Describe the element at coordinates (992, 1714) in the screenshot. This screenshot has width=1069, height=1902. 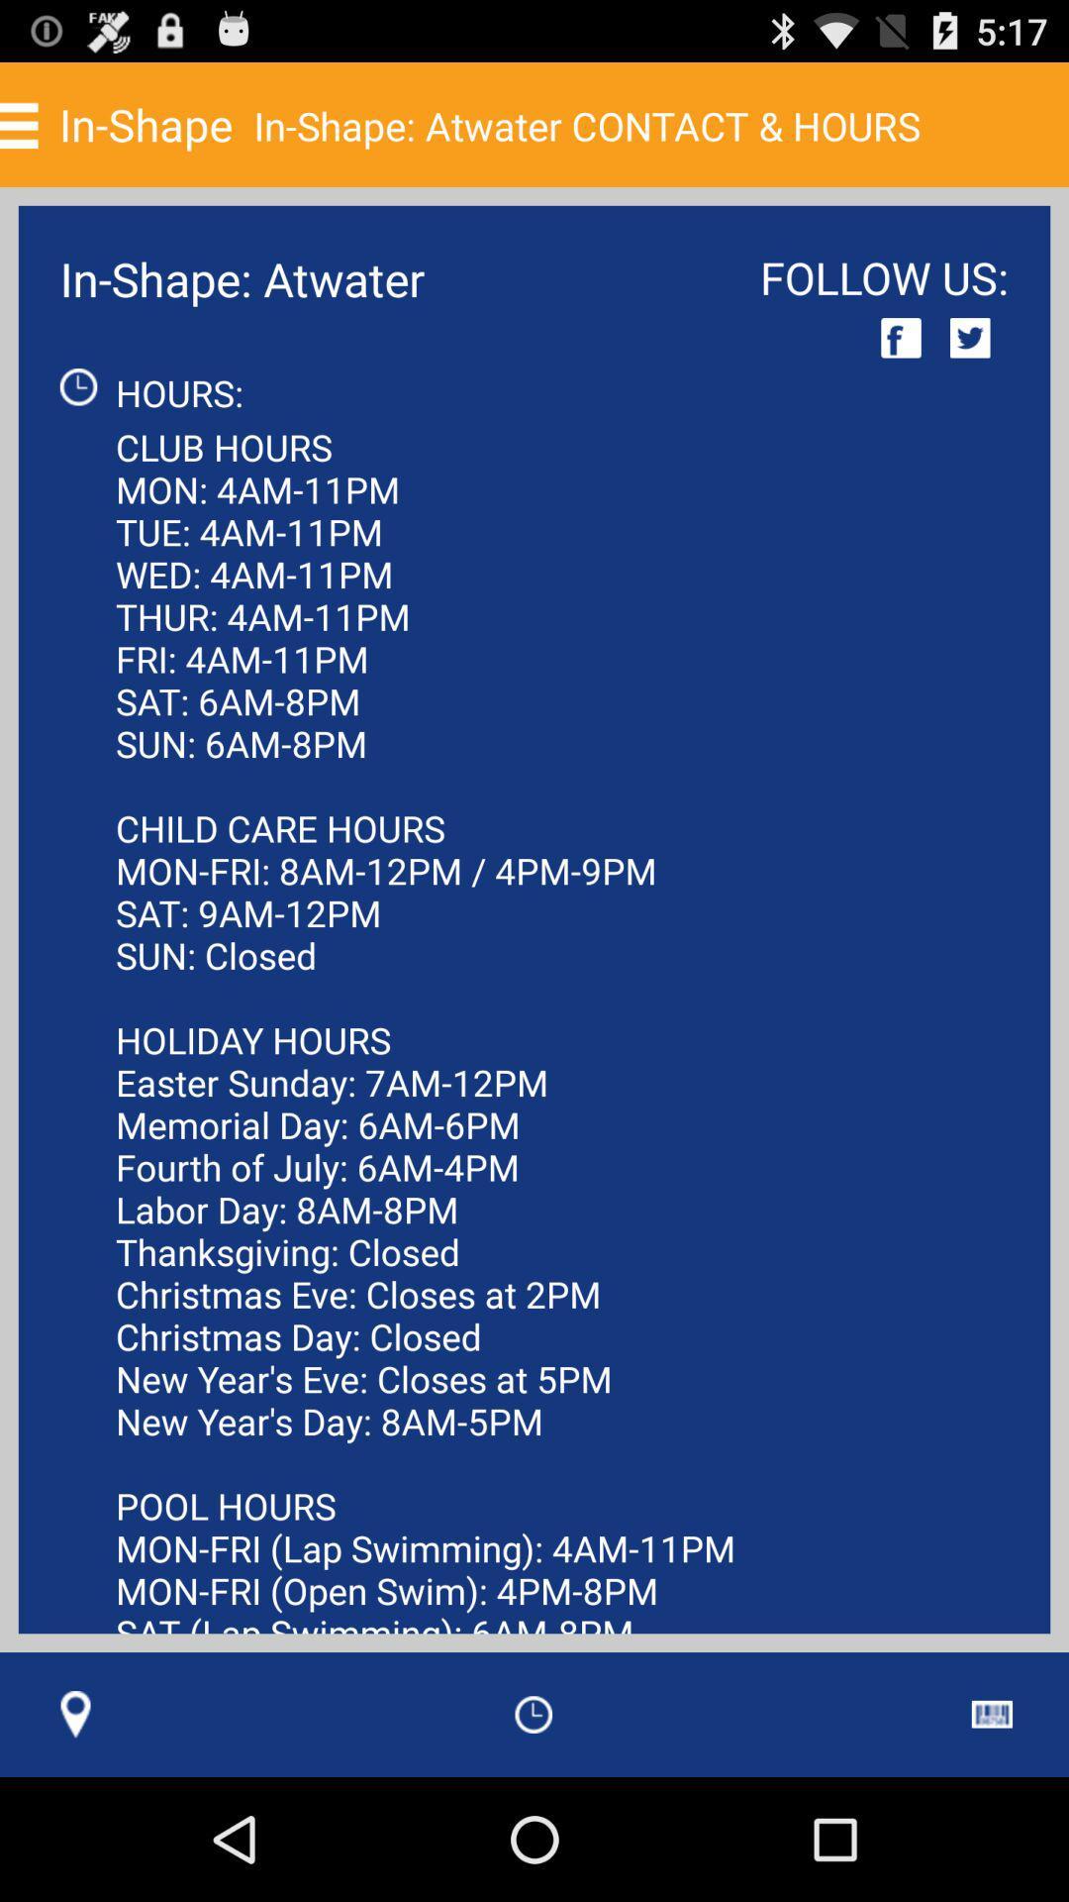
I see `the app next to club hours mon icon` at that location.